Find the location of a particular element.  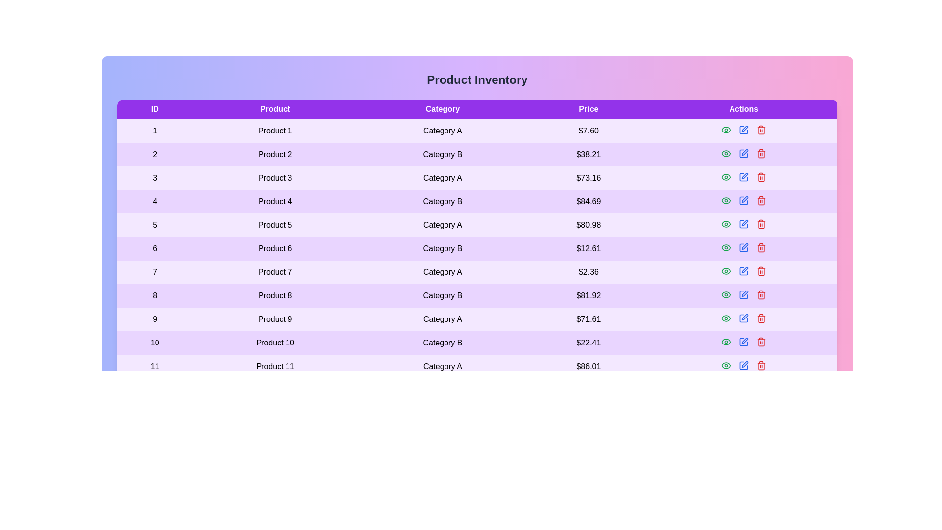

the column header ID to sort the table by that column is located at coordinates (154, 109).